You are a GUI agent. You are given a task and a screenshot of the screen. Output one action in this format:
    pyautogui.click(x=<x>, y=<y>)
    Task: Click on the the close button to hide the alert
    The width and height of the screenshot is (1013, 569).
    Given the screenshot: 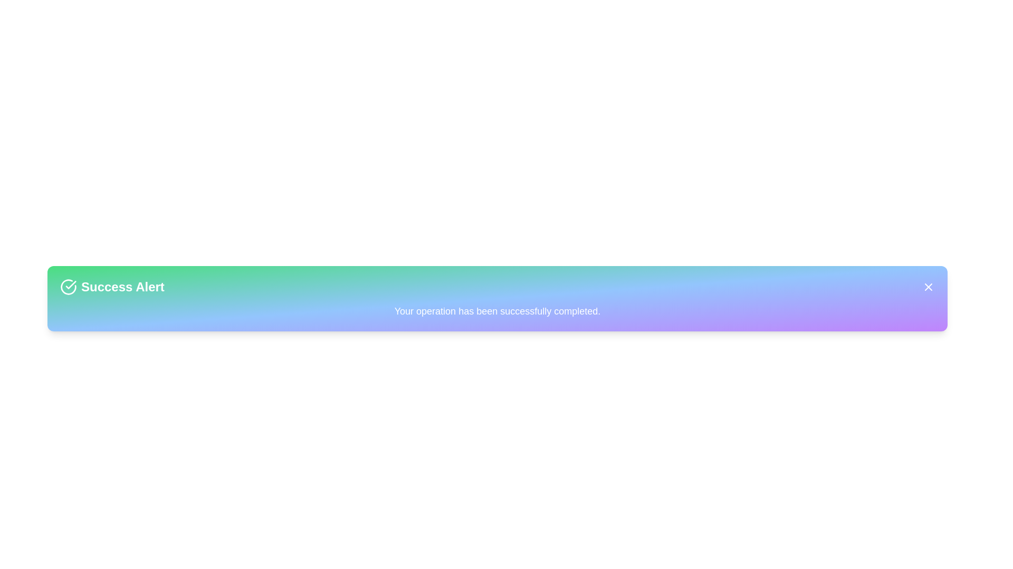 What is the action you would take?
    pyautogui.click(x=929, y=287)
    